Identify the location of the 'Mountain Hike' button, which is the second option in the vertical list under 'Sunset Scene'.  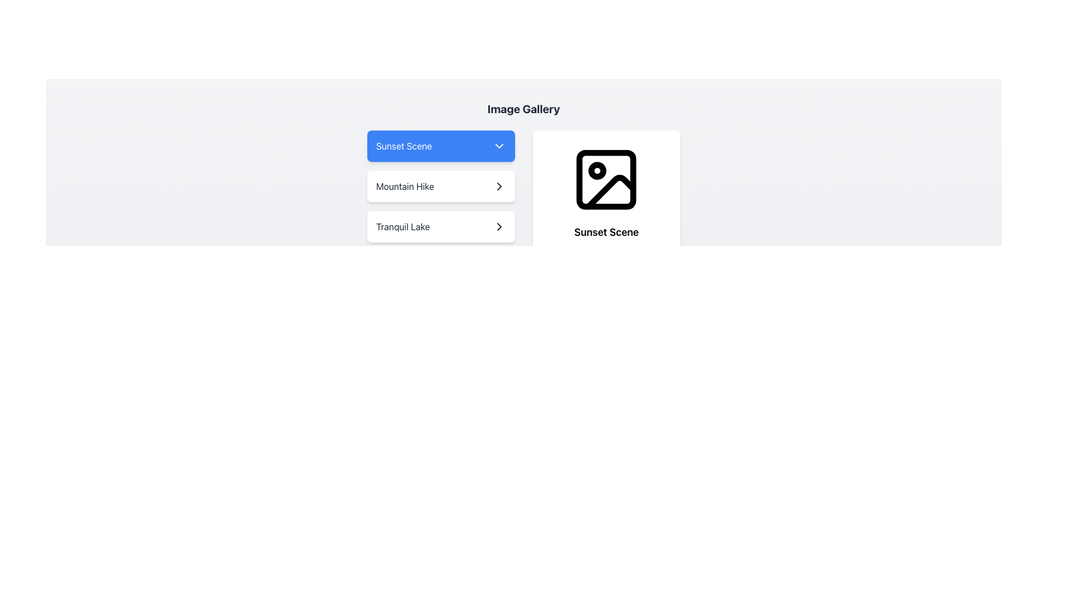
(440, 185).